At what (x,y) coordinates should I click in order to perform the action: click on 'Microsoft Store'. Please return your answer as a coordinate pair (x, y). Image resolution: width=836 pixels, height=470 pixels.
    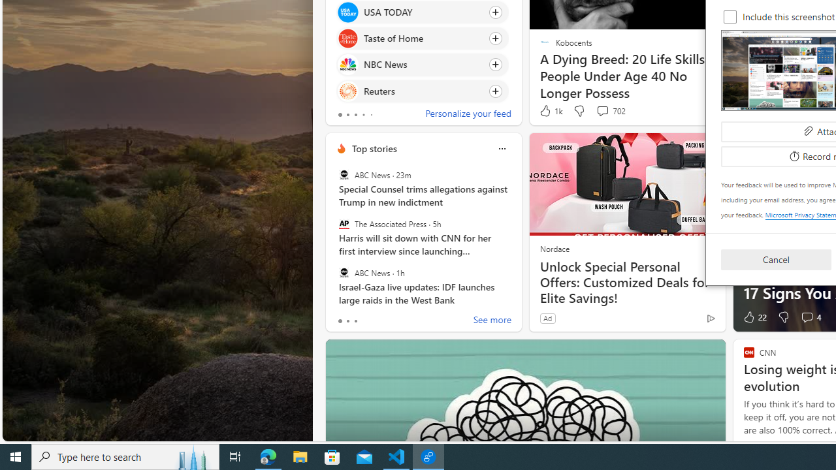
    Looking at the image, I should click on (332, 456).